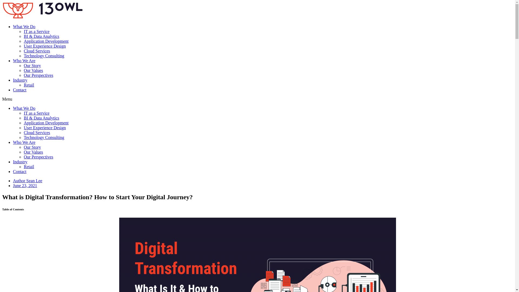 This screenshot has width=519, height=292. Describe the element at coordinates (44, 56) in the screenshot. I see `'Technology Consulting'` at that location.